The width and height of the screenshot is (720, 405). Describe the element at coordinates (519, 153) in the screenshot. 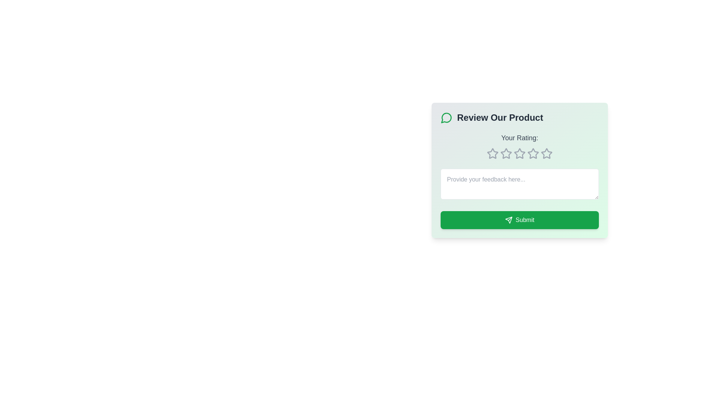

I see `the second star icon in the rating widget located in the 'Your Rating:' section, which allows users to provide a visual rating` at that location.